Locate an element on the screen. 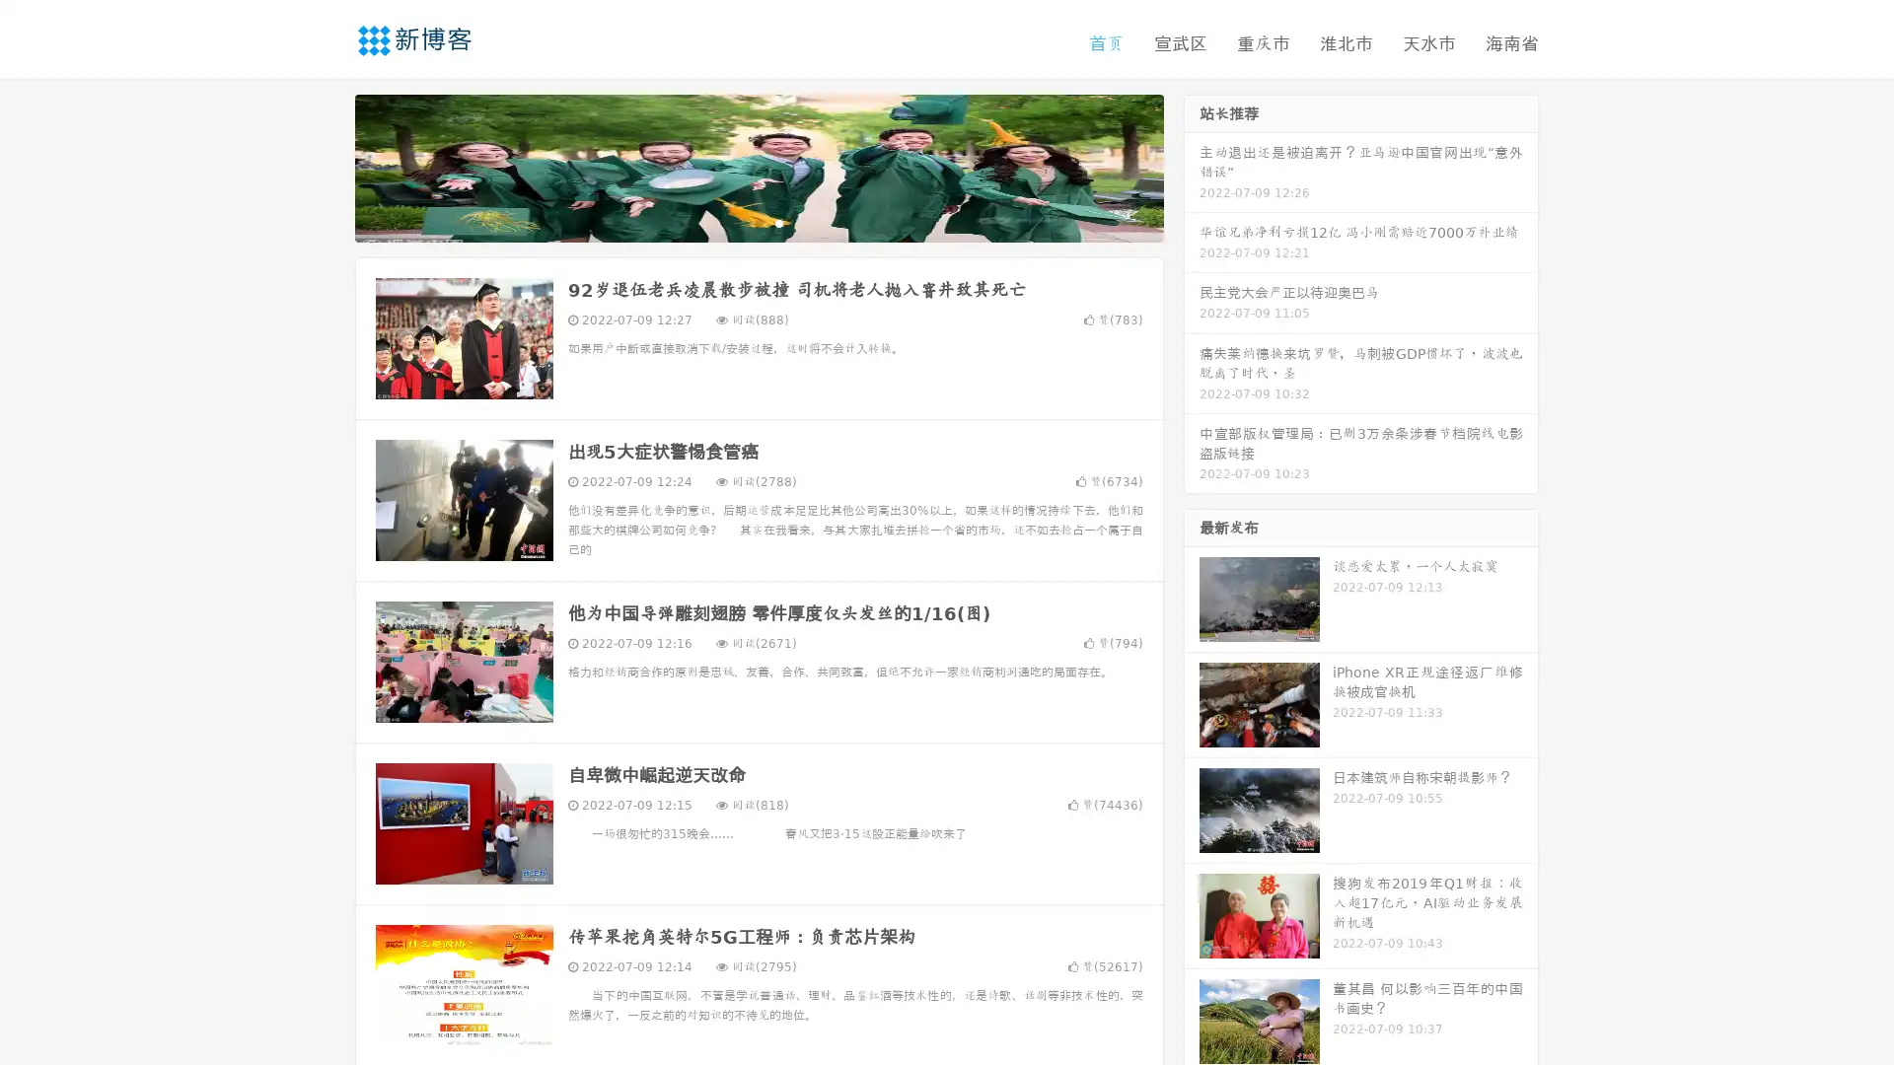 This screenshot has height=1065, width=1894. Previous slide is located at coordinates (326, 166).